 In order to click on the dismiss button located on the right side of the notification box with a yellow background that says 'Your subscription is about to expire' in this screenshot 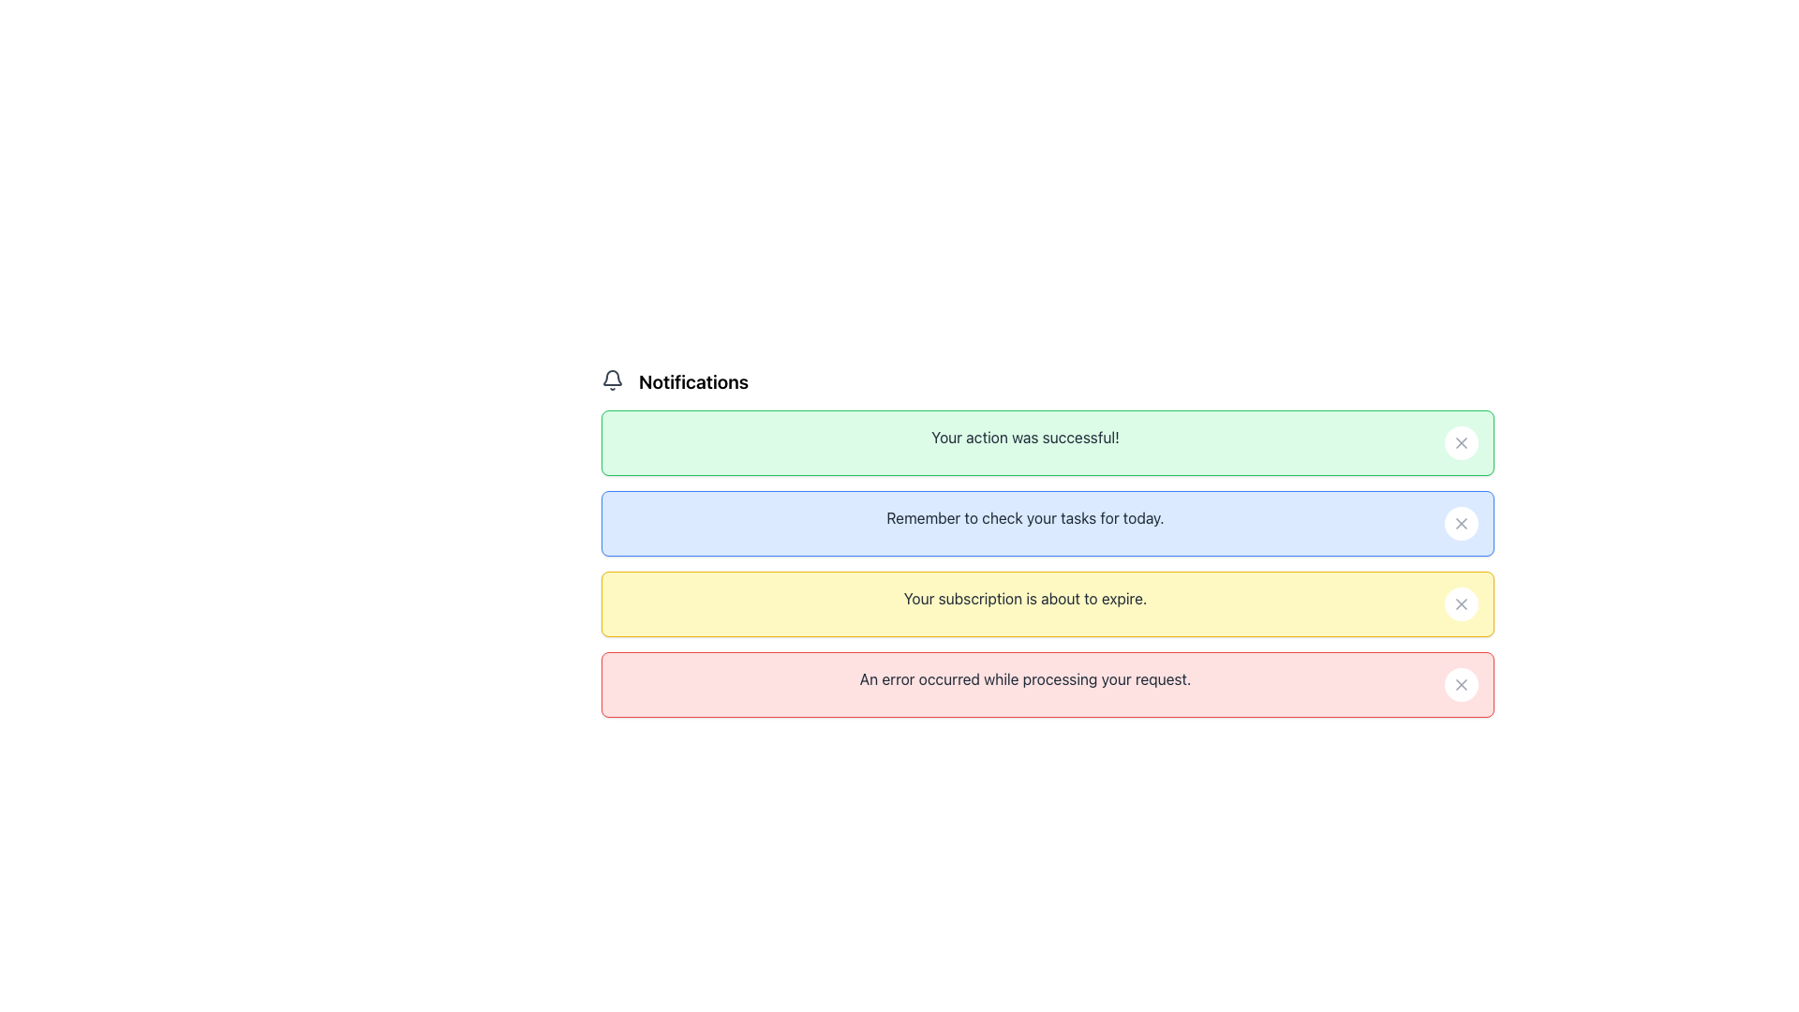, I will do `click(1461, 603)`.